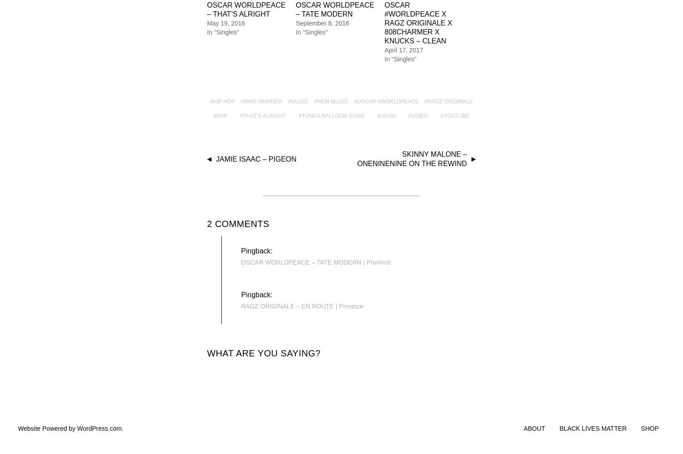 The height and width of the screenshot is (454, 683). What do you see at coordinates (450, 101) in the screenshot?
I see `'Ragz Originale'` at bounding box center [450, 101].